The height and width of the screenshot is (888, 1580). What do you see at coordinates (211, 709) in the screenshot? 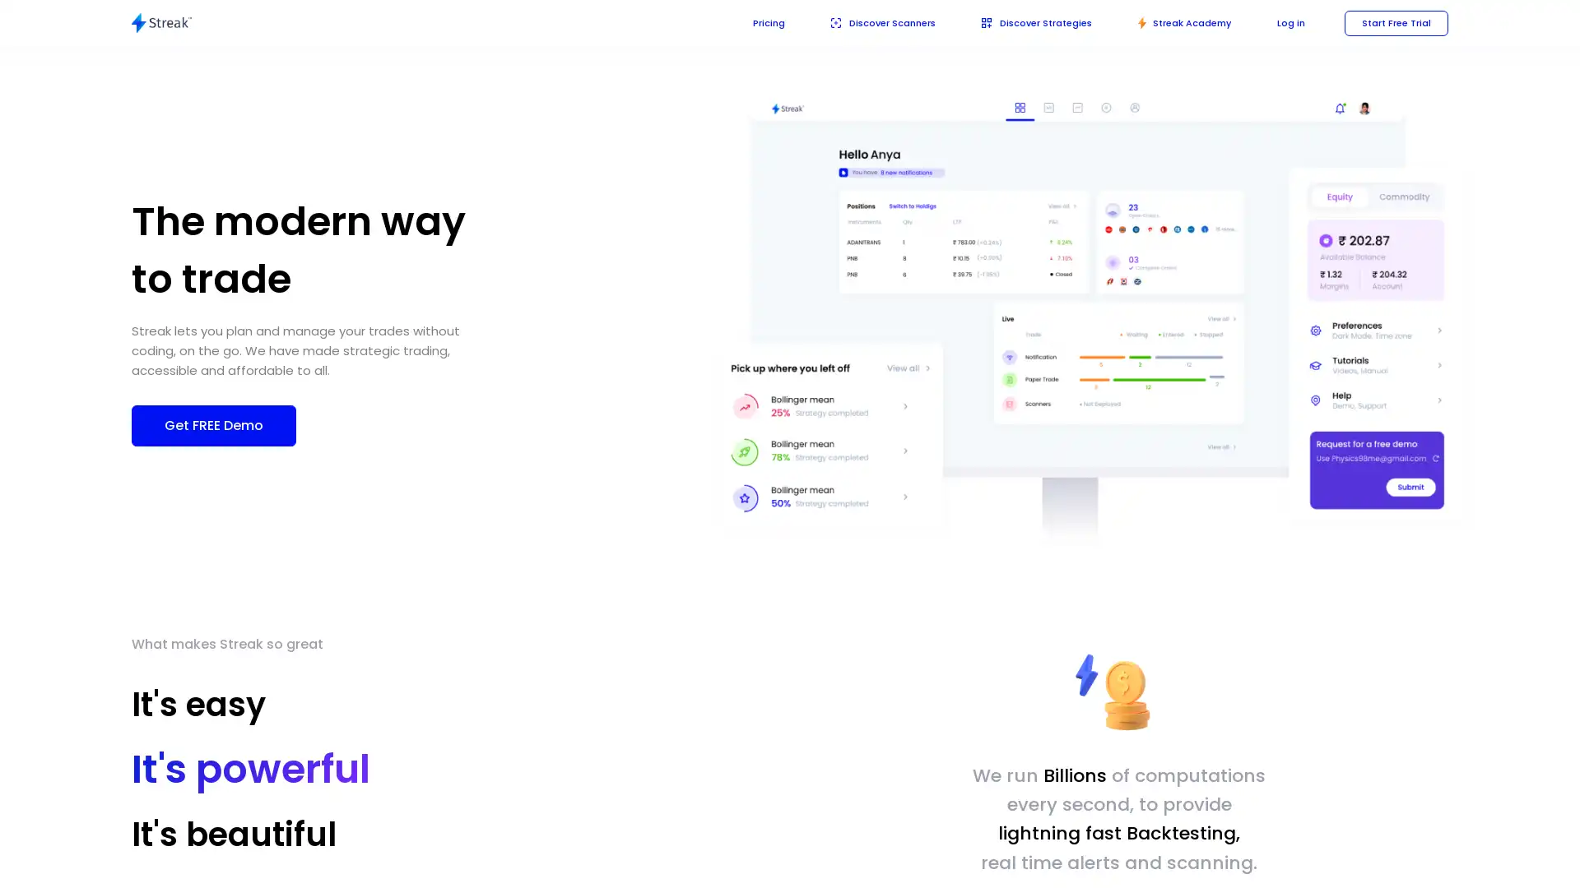
I see `It's easy` at bounding box center [211, 709].